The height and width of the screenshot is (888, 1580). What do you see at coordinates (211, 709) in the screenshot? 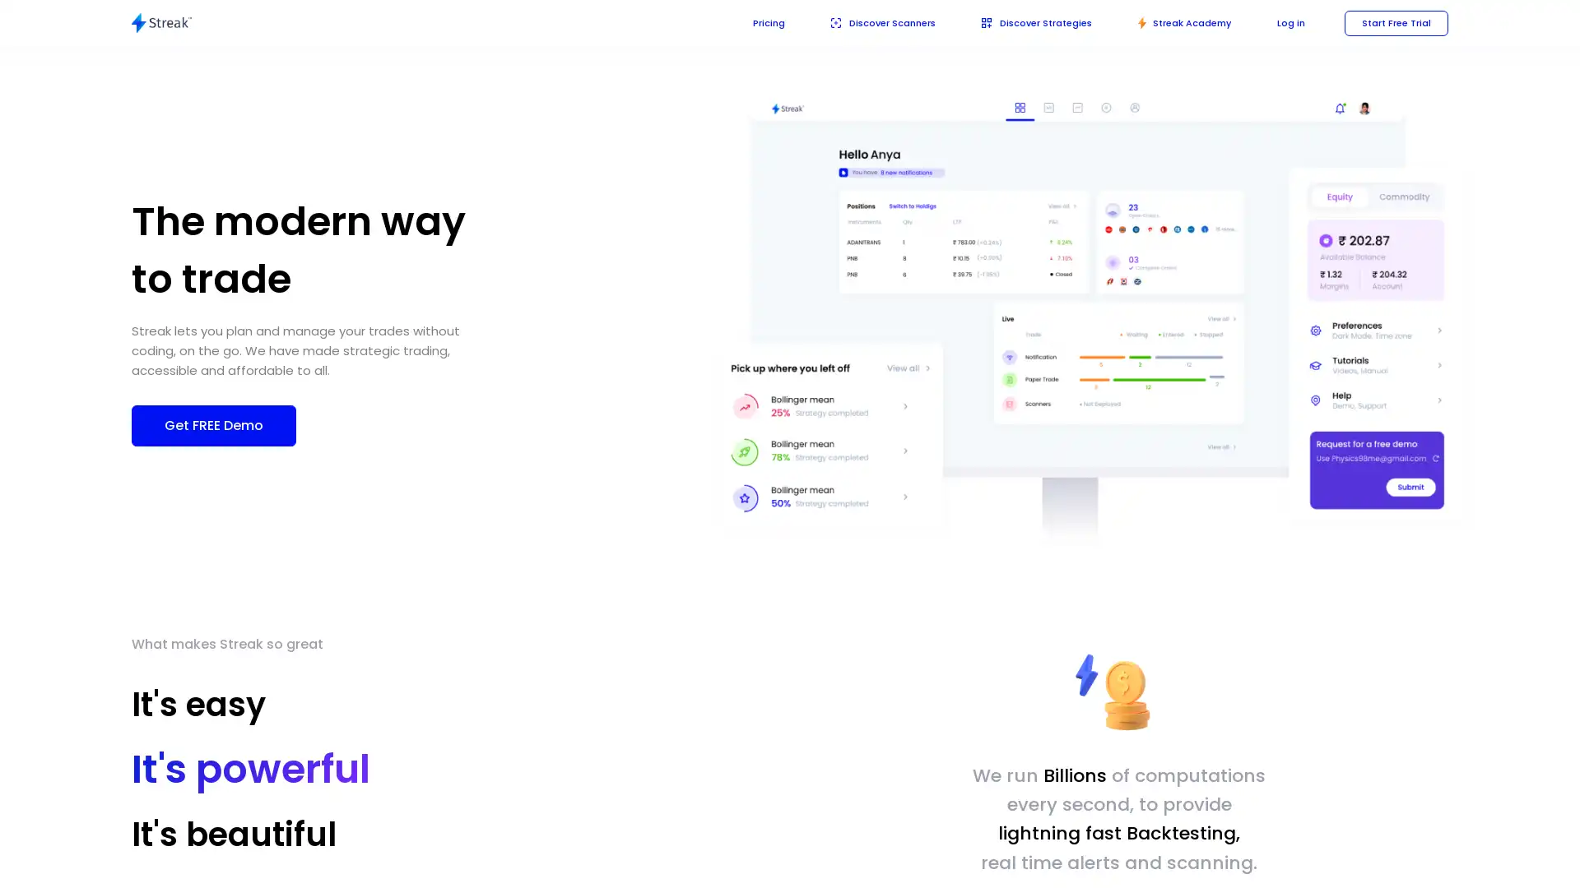
I see `It's easy` at bounding box center [211, 709].